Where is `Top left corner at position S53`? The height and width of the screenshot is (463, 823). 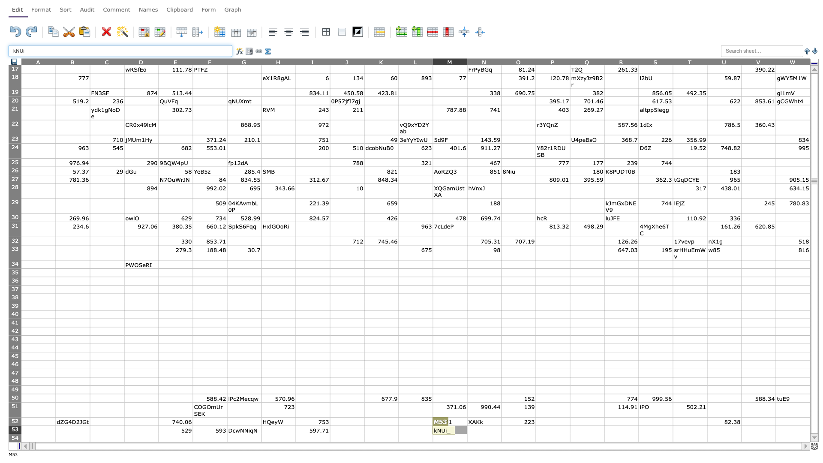 Top left corner at position S53 is located at coordinates (638, 425).